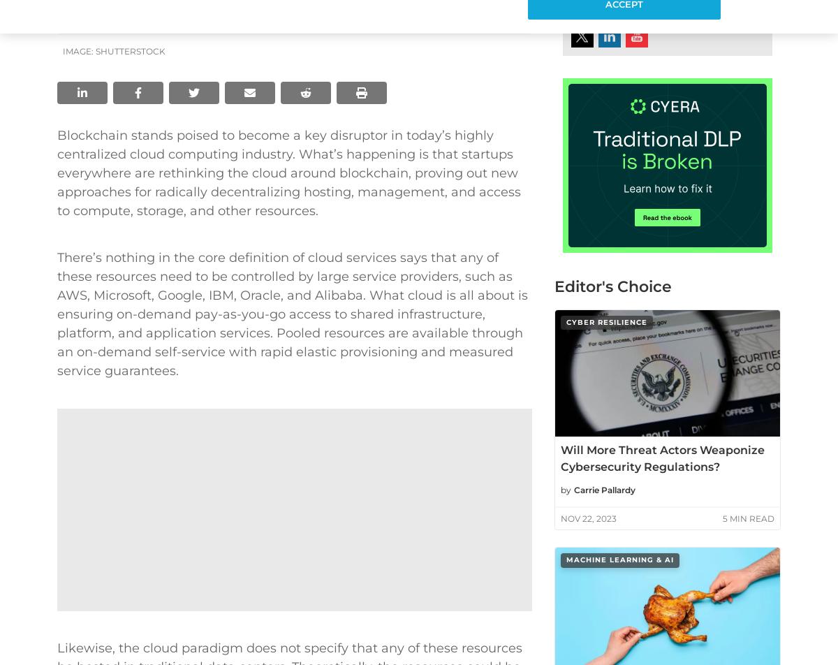  Describe the element at coordinates (619, 560) in the screenshot. I see `'Machine Learning & AI'` at that location.